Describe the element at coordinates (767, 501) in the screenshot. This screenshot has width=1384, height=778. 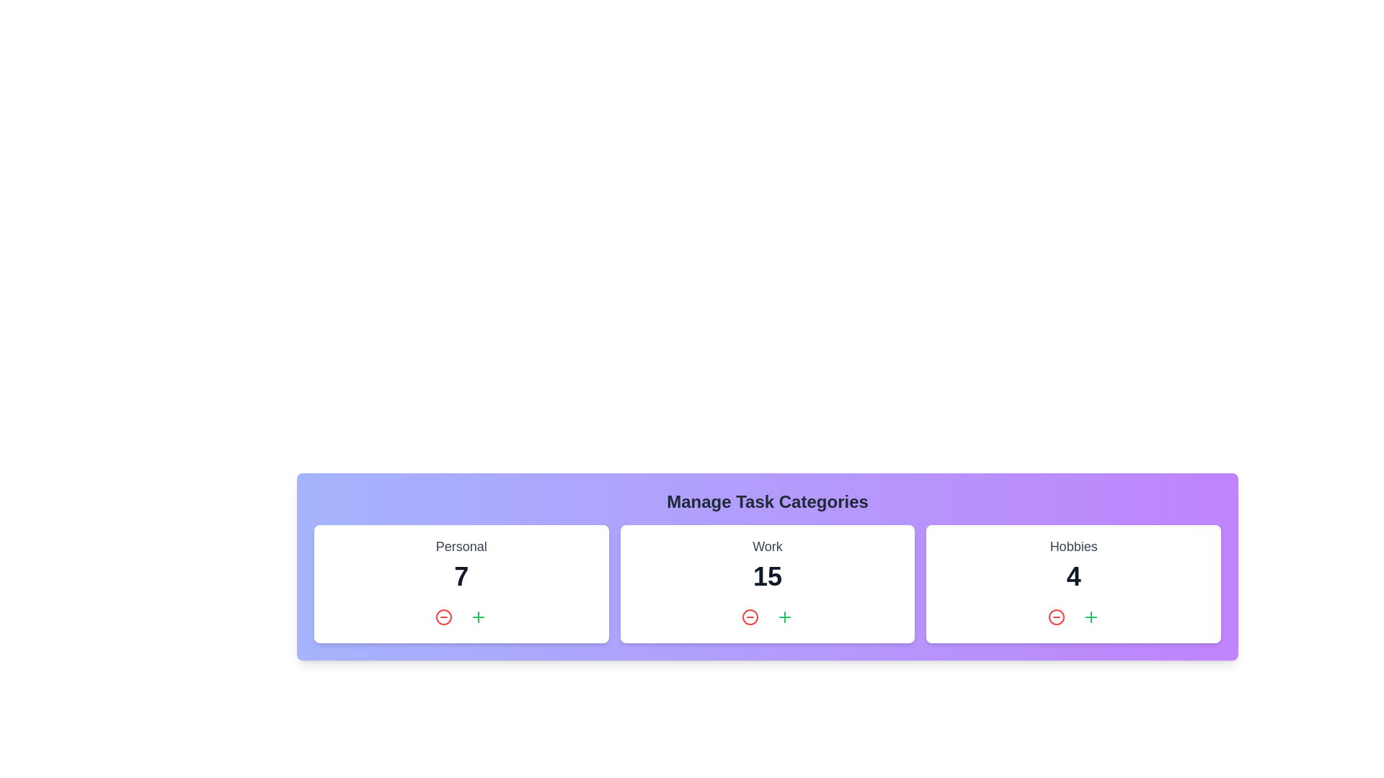
I see `the title 'Manage Task Categories'` at that location.